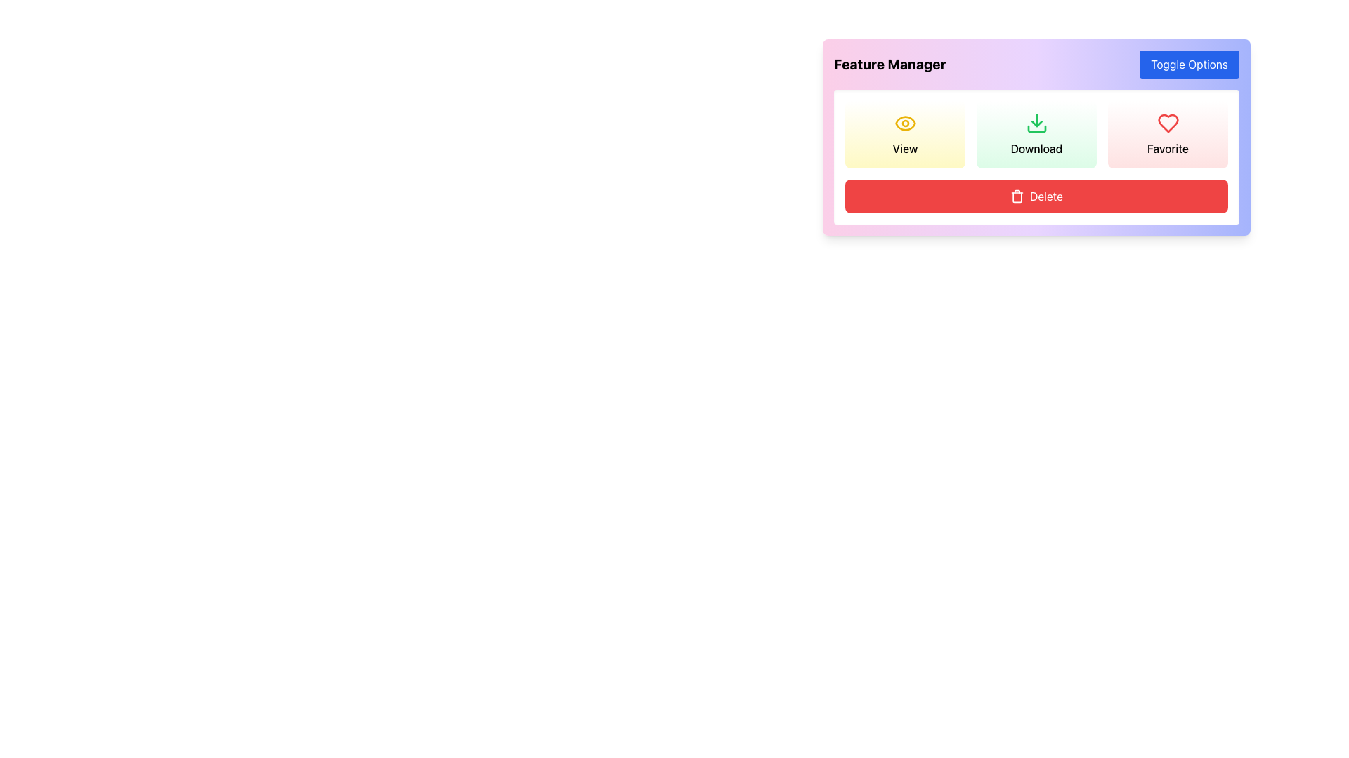 The image size is (1349, 758). Describe the element at coordinates (1036, 135) in the screenshot. I see `the 'Download' button with a gradient background and a downward green arrow icon to initiate the download` at that location.